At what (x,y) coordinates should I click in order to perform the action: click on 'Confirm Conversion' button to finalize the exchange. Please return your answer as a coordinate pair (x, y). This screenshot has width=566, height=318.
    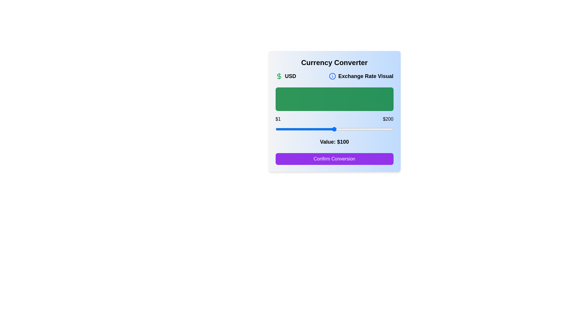
    Looking at the image, I should click on (334, 159).